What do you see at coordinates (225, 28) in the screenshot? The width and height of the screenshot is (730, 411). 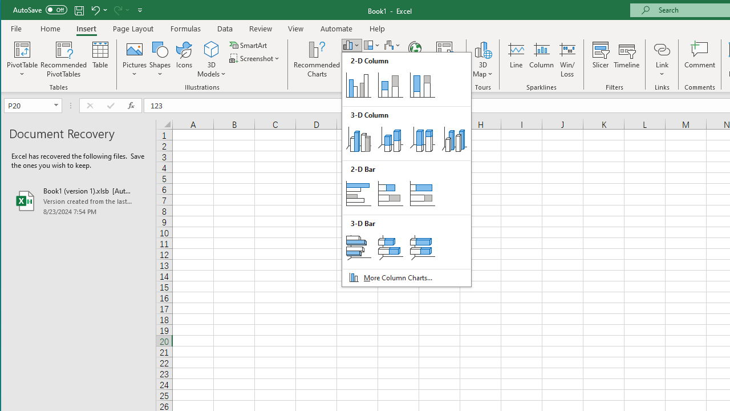 I see `'Data'` at bounding box center [225, 28].